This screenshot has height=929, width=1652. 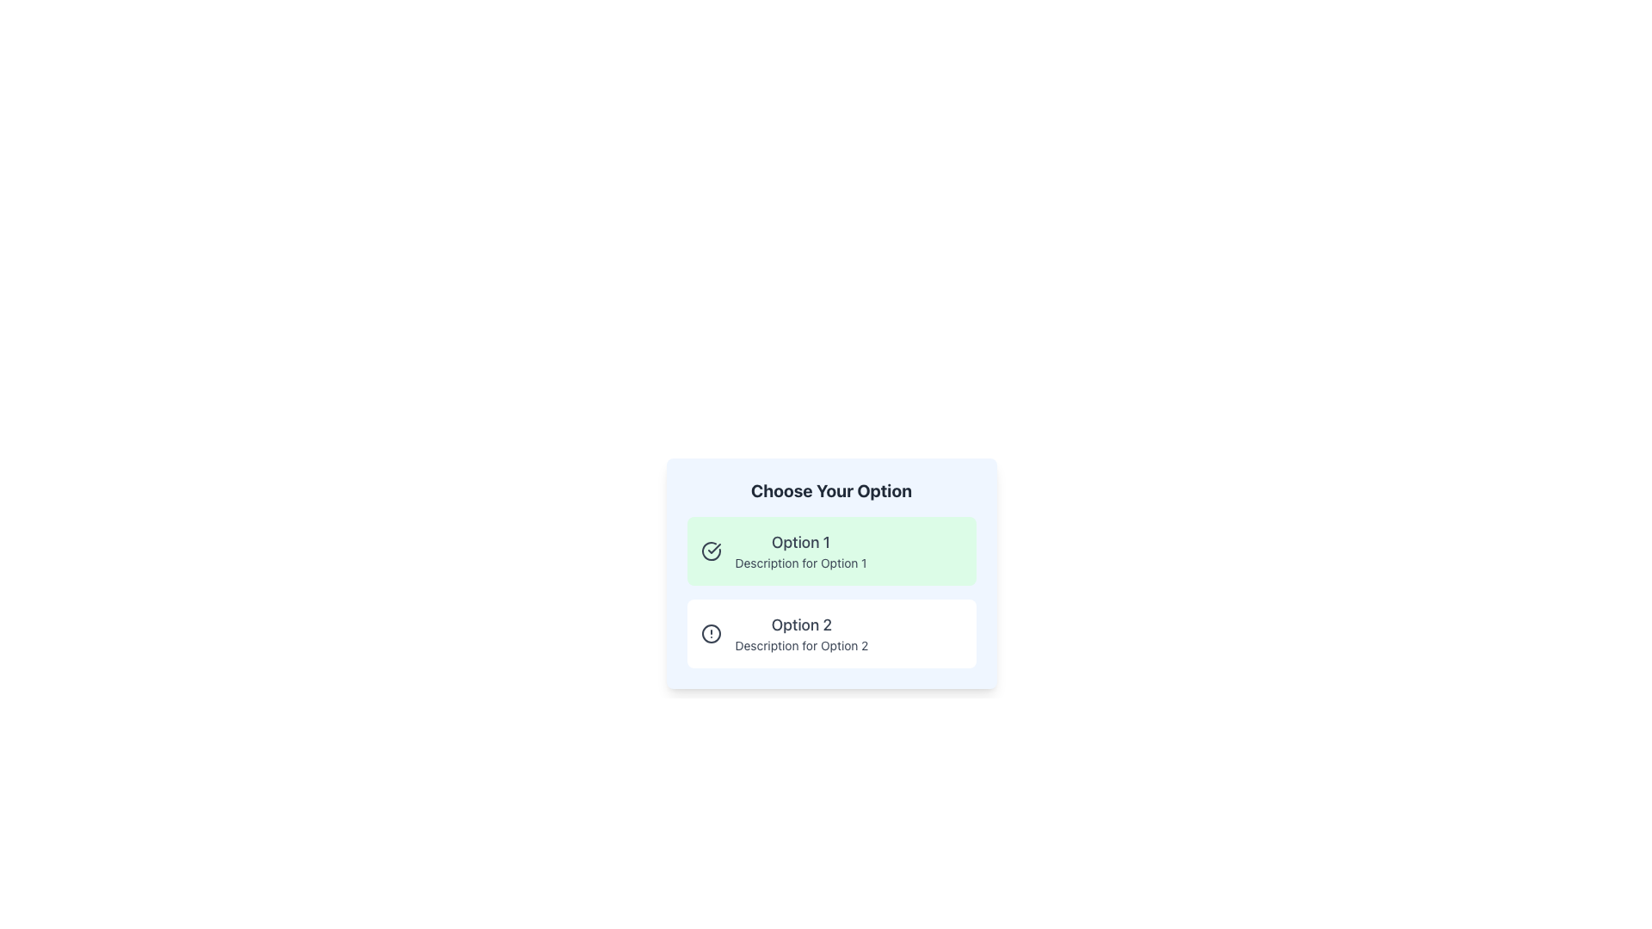 What do you see at coordinates (800, 563) in the screenshot?
I see `the text label 'Description for Option 1', which provides additional information about the 'Option 1' selection, located in the top green-highlighted region of the options panel` at bounding box center [800, 563].